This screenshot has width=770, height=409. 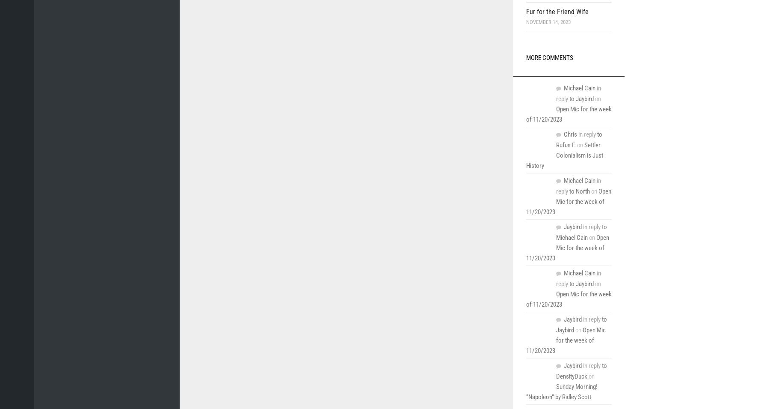 I want to click on 'Chris', so click(x=570, y=134).